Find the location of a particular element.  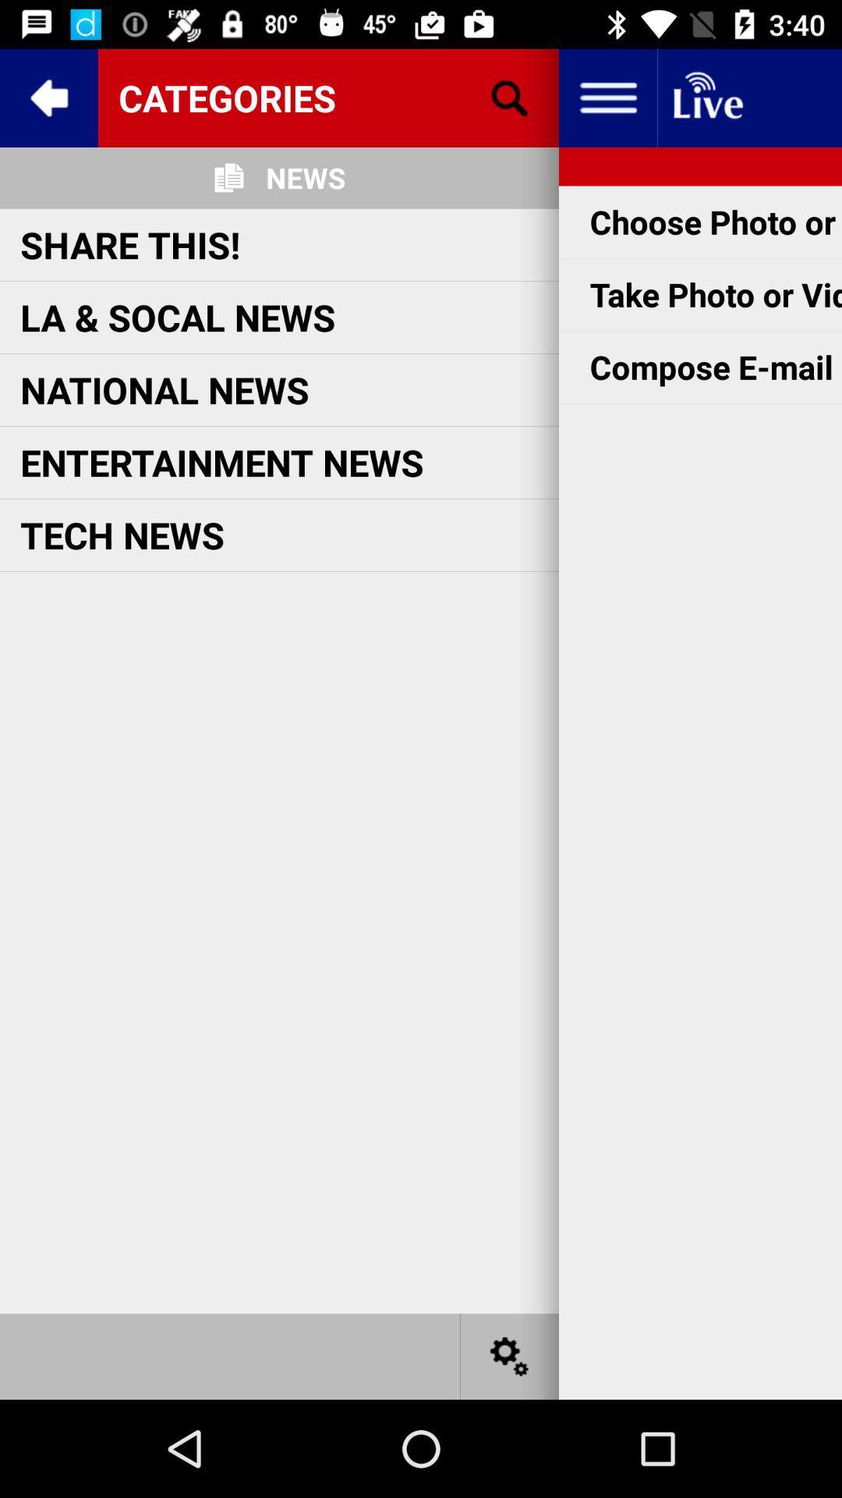

item above the la & socal news icon is located at coordinates (129, 243).